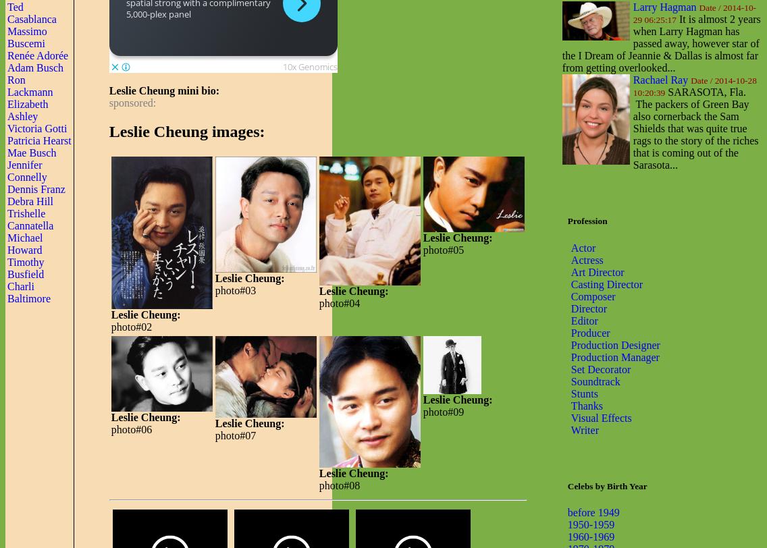  I want to click on 'Charli Baltimore', so click(7, 292).